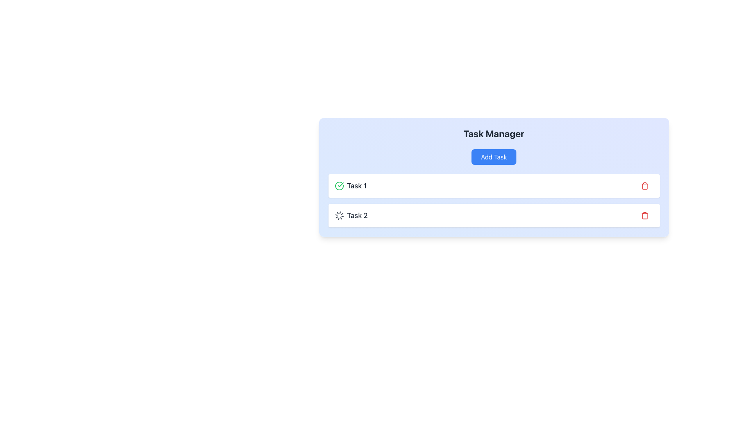 The image size is (750, 422). What do you see at coordinates (350, 186) in the screenshot?
I see `the text label displaying the title 'Task 1', which is styled in bold font and accompanied by a green check mark icon, located in the task manager interface` at bounding box center [350, 186].